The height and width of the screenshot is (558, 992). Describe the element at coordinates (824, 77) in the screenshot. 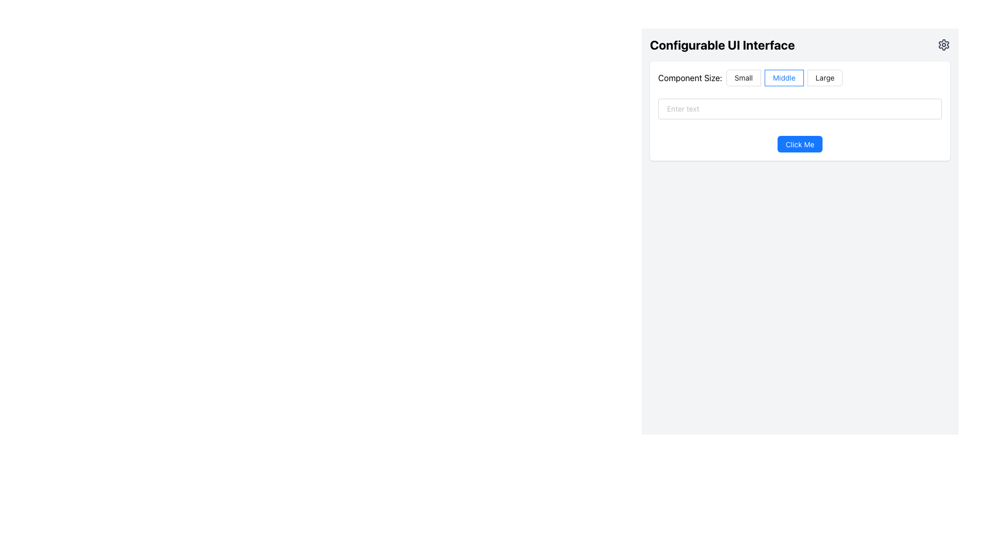

I see `the radio button labeled 'Large'` at that location.